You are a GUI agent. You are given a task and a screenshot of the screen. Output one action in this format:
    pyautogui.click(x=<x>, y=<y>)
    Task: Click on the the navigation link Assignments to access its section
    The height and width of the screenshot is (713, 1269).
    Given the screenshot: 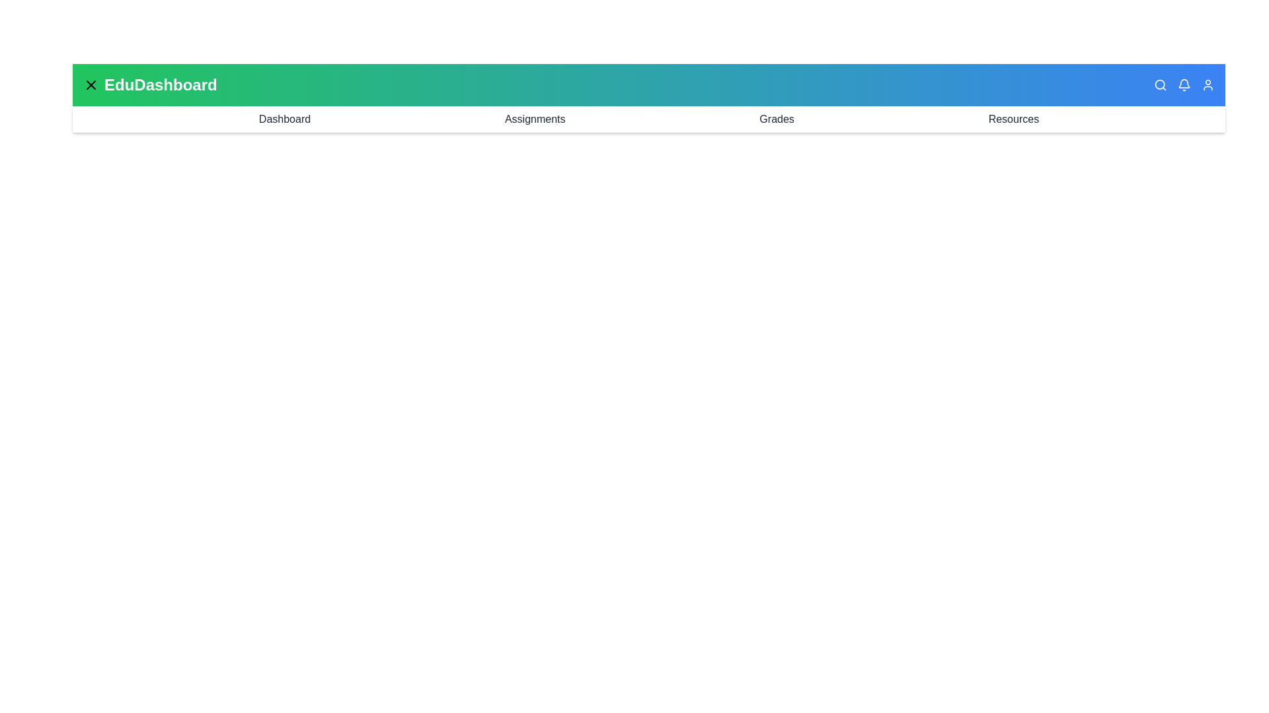 What is the action you would take?
    pyautogui.click(x=535, y=119)
    